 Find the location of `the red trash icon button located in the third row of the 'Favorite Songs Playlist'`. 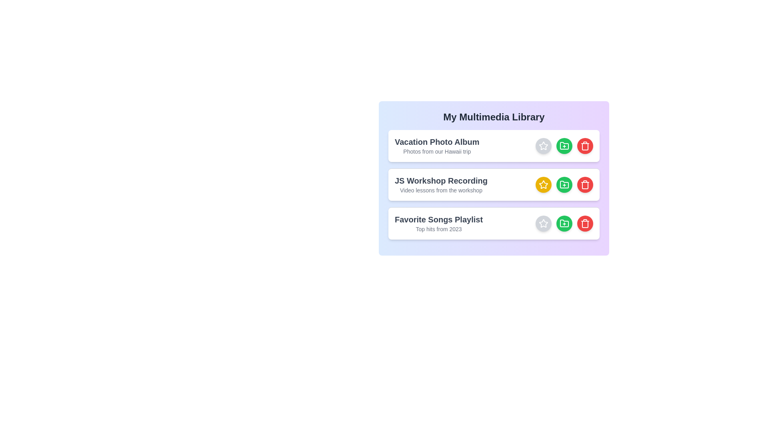

the red trash icon button located in the third row of the 'Favorite Songs Playlist' is located at coordinates (585, 224).